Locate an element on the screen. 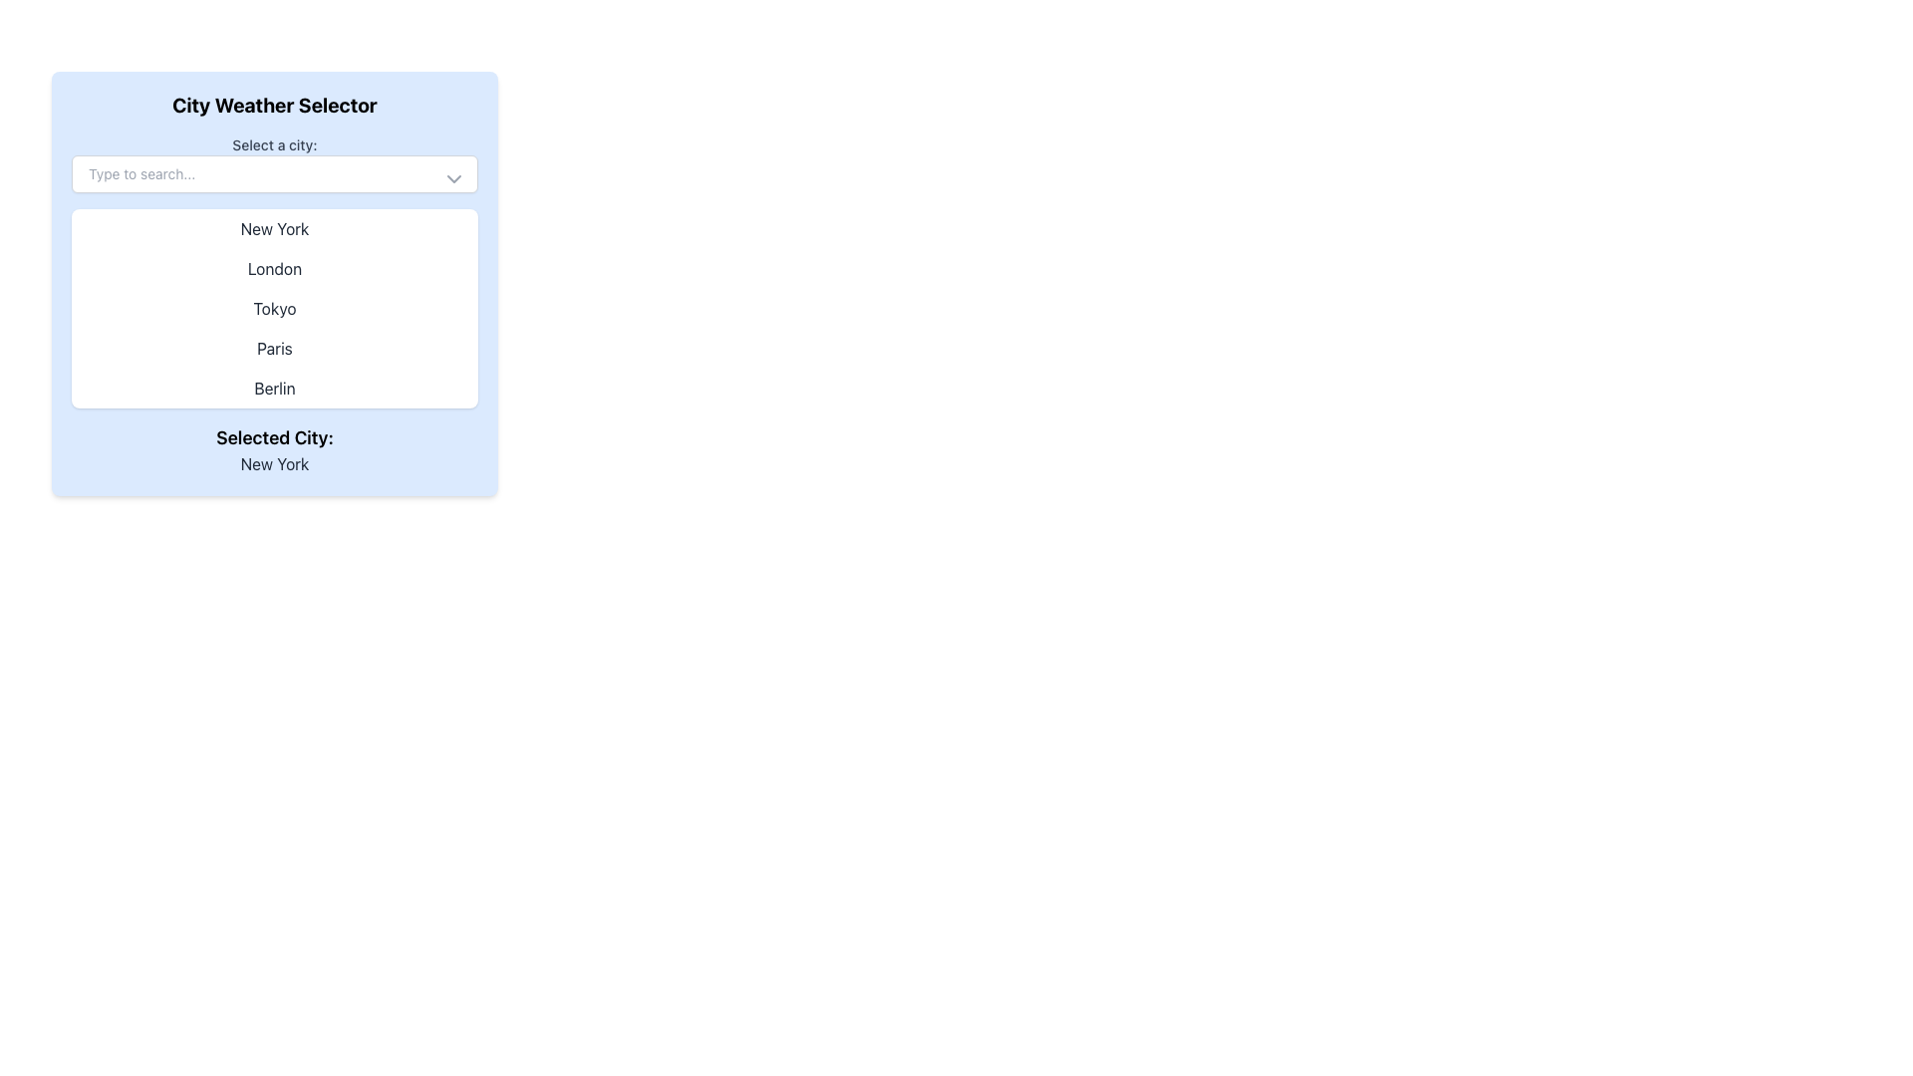 This screenshot has width=1913, height=1076. the downward chevron button located at the top-right corner of the search input box is located at coordinates (453, 179).